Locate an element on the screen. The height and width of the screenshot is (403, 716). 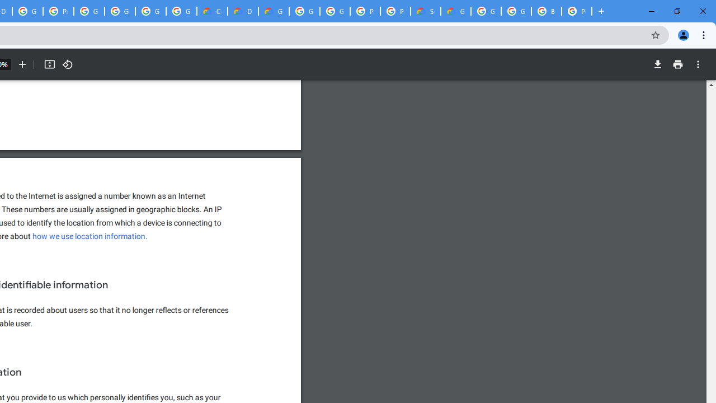
'More actions' is located at coordinates (698, 64).